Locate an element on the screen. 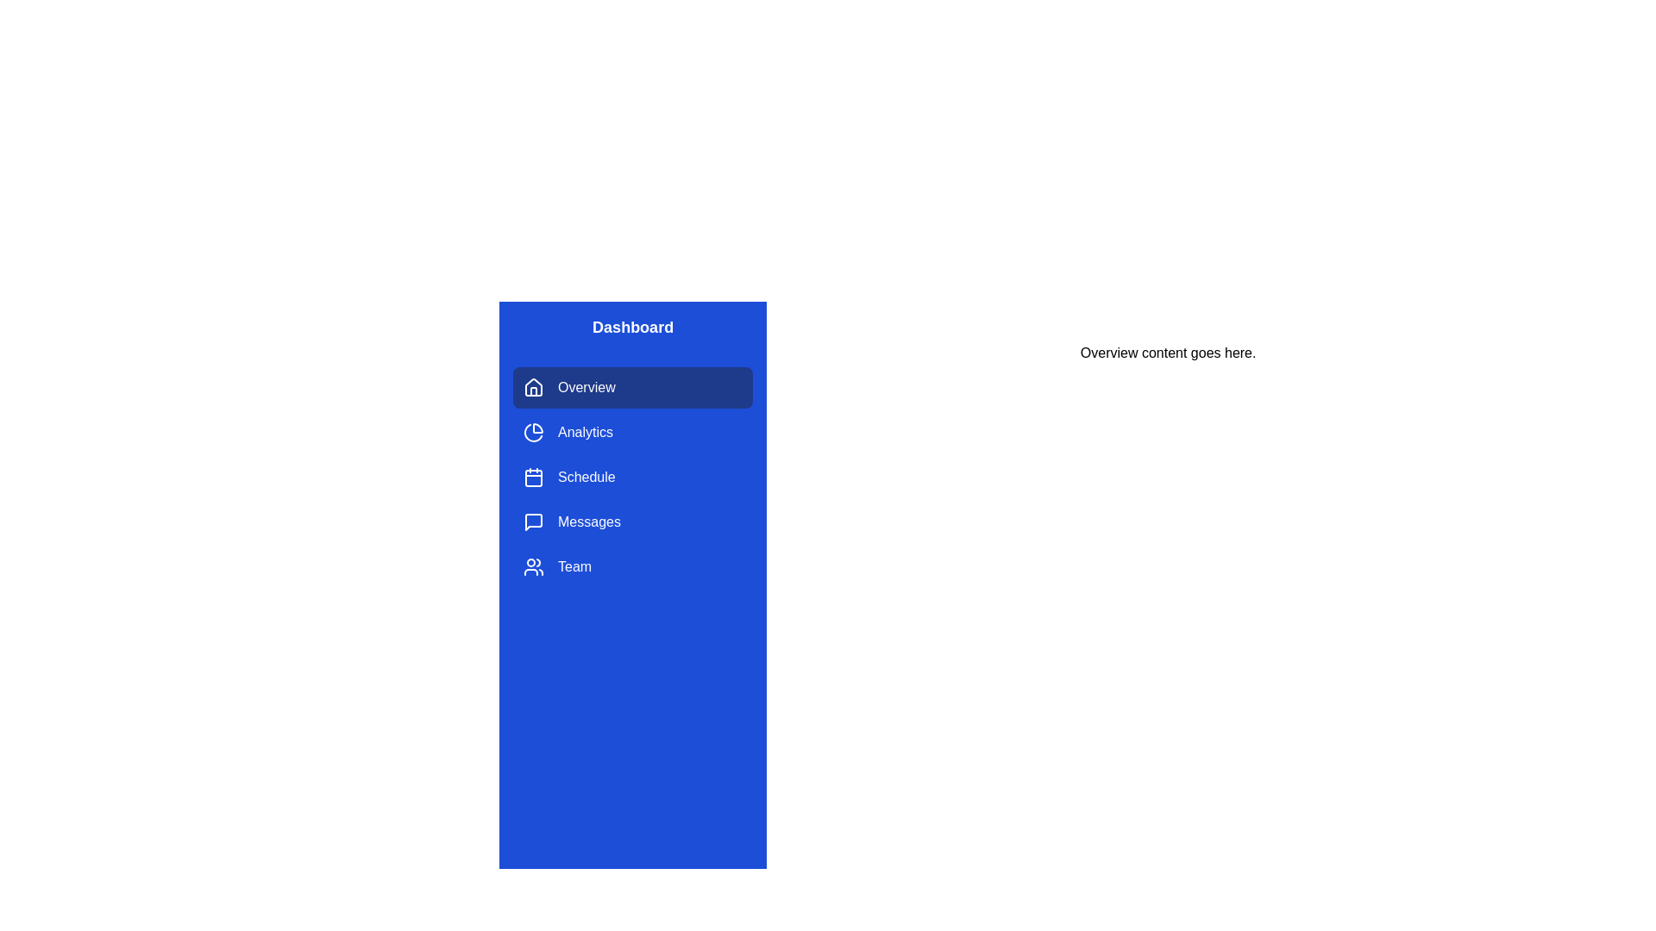  the 'Schedule' text label in the vertical navigation menu, which is styled with a white font on a blue background and is the third item in the list is located at coordinates (586, 478).